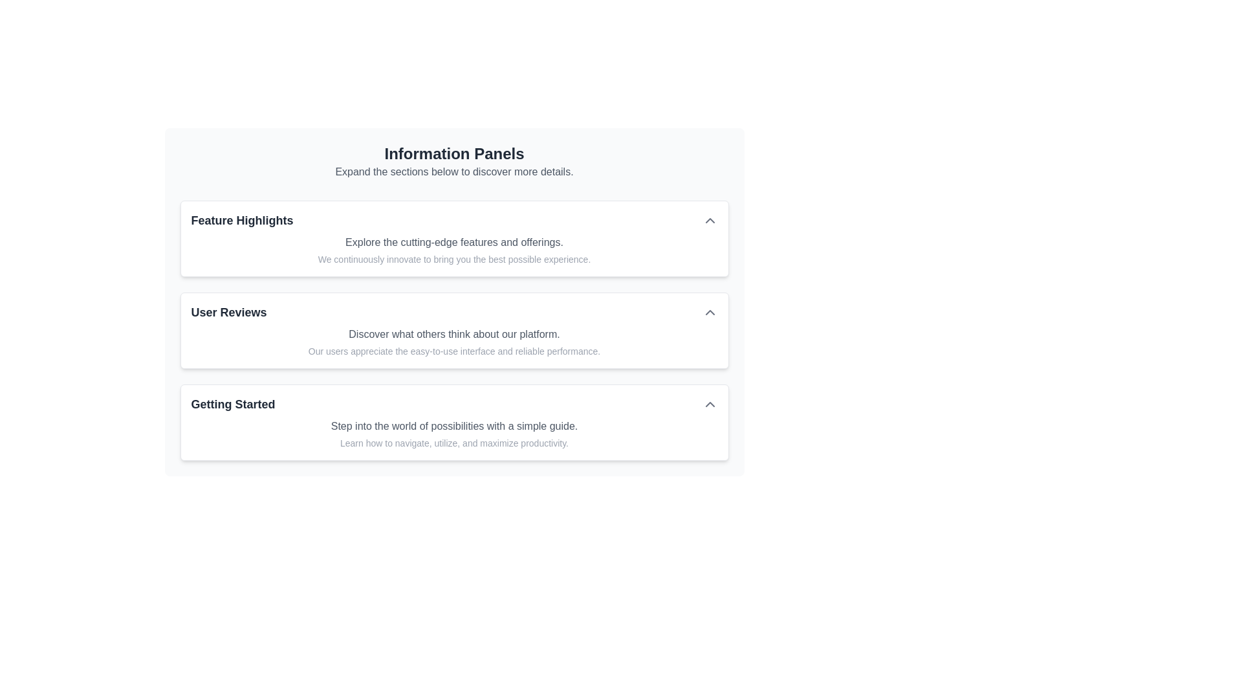  What do you see at coordinates (709, 312) in the screenshot?
I see `the Chevron-Up icon located on the right-hand side of the 'User Reviews' header bar` at bounding box center [709, 312].